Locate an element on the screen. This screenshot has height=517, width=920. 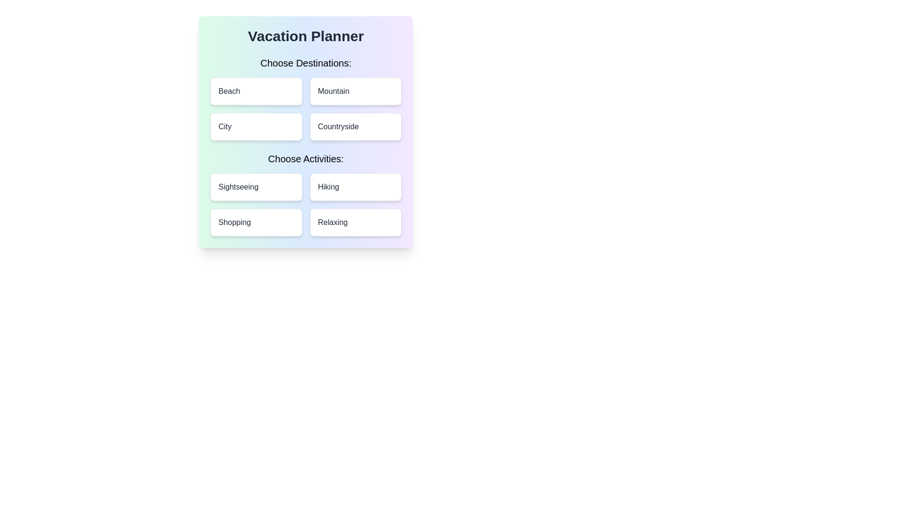
the Text Header element, which serves as a title for the options below it, guiding users to select activities is located at coordinates (305, 158).